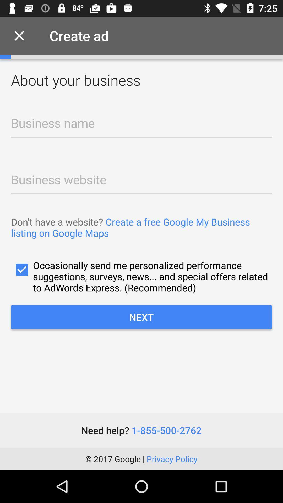 This screenshot has height=503, width=283. I want to click on the item to the left of create ad icon, so click(19, 35).